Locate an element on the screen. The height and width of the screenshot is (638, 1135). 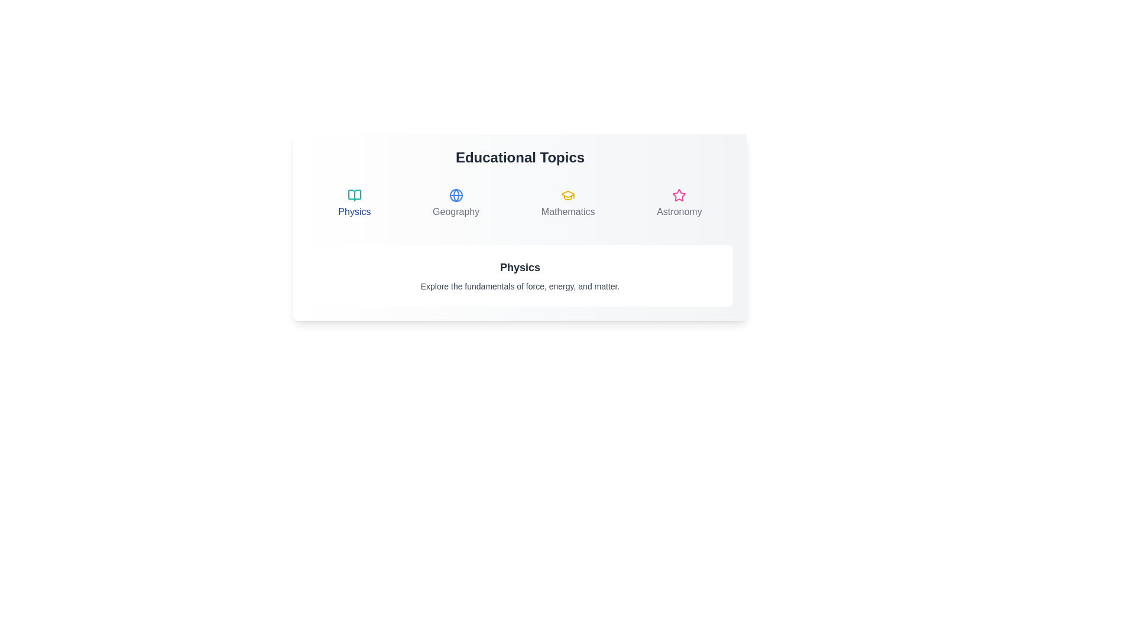
the Physics tab is located at coordinates (354, 203).